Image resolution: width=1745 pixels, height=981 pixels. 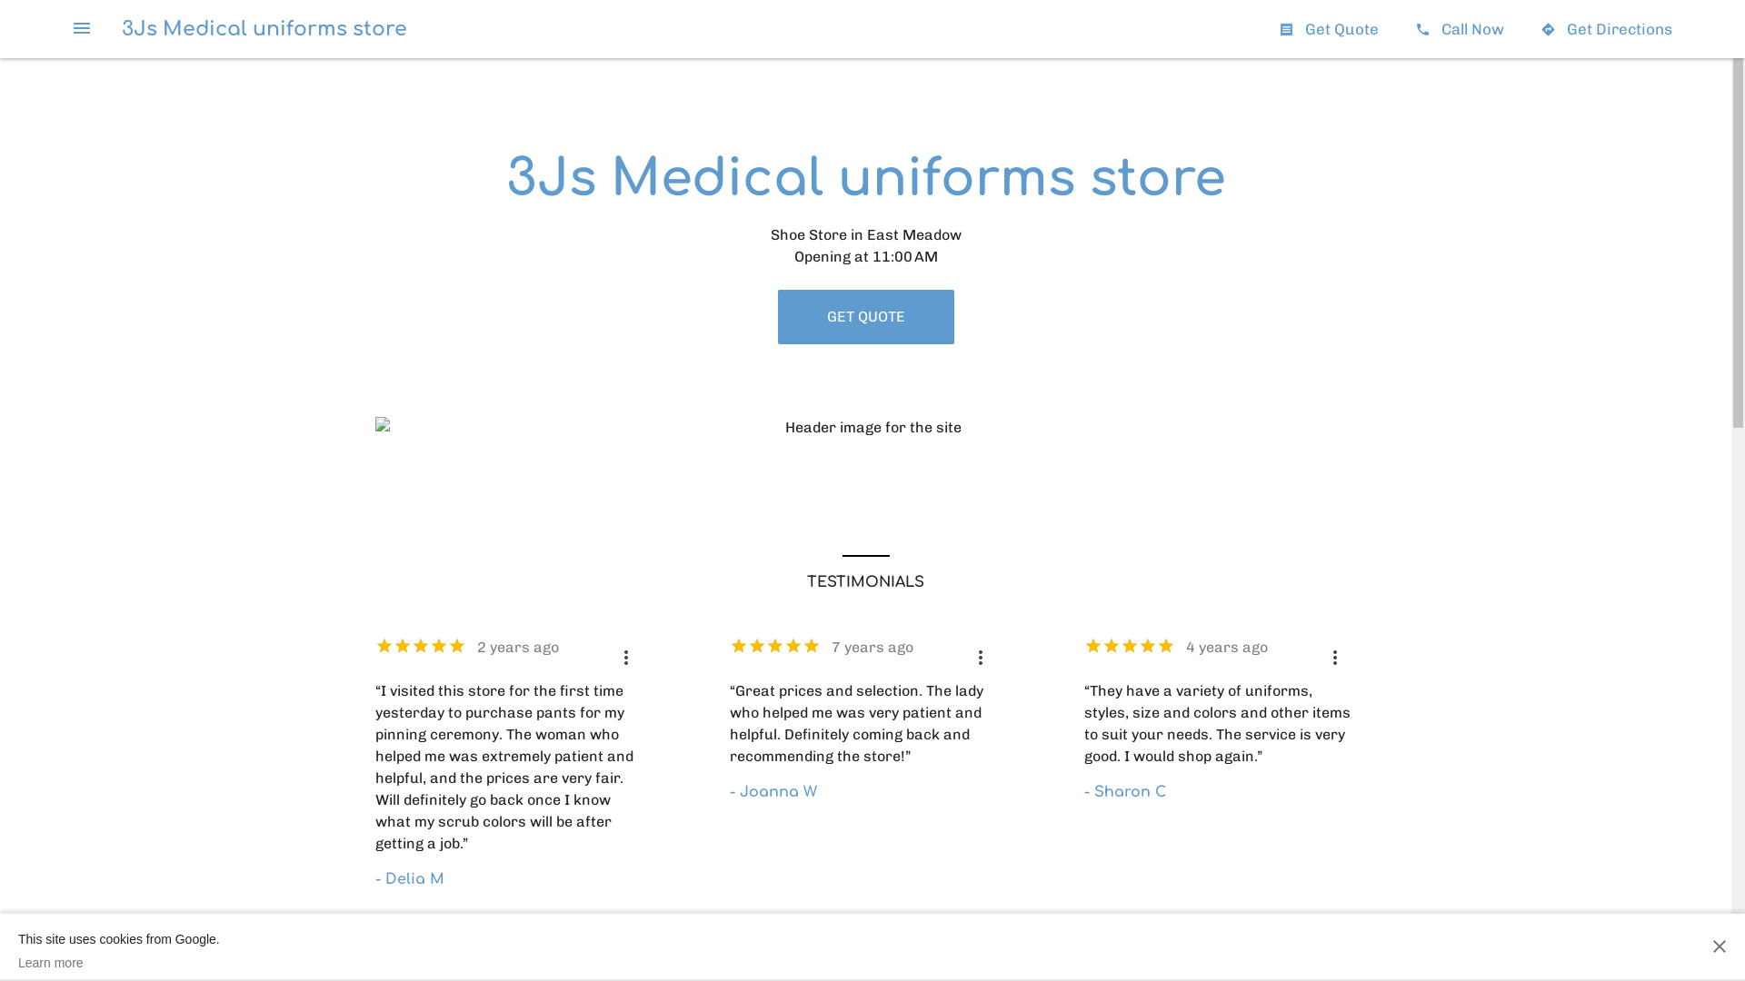 I want to click on 'GET QUOTE', so click(x=865, y=315).